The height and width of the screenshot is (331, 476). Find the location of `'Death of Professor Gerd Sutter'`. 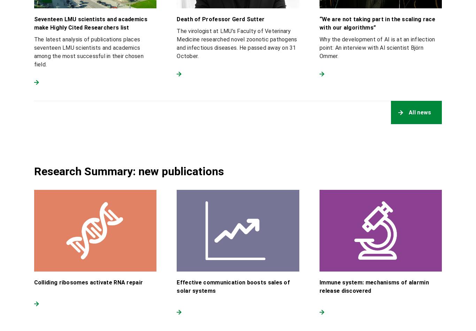

'Death of Professor Gerd Sutter' is located at coordinates (220, 19).